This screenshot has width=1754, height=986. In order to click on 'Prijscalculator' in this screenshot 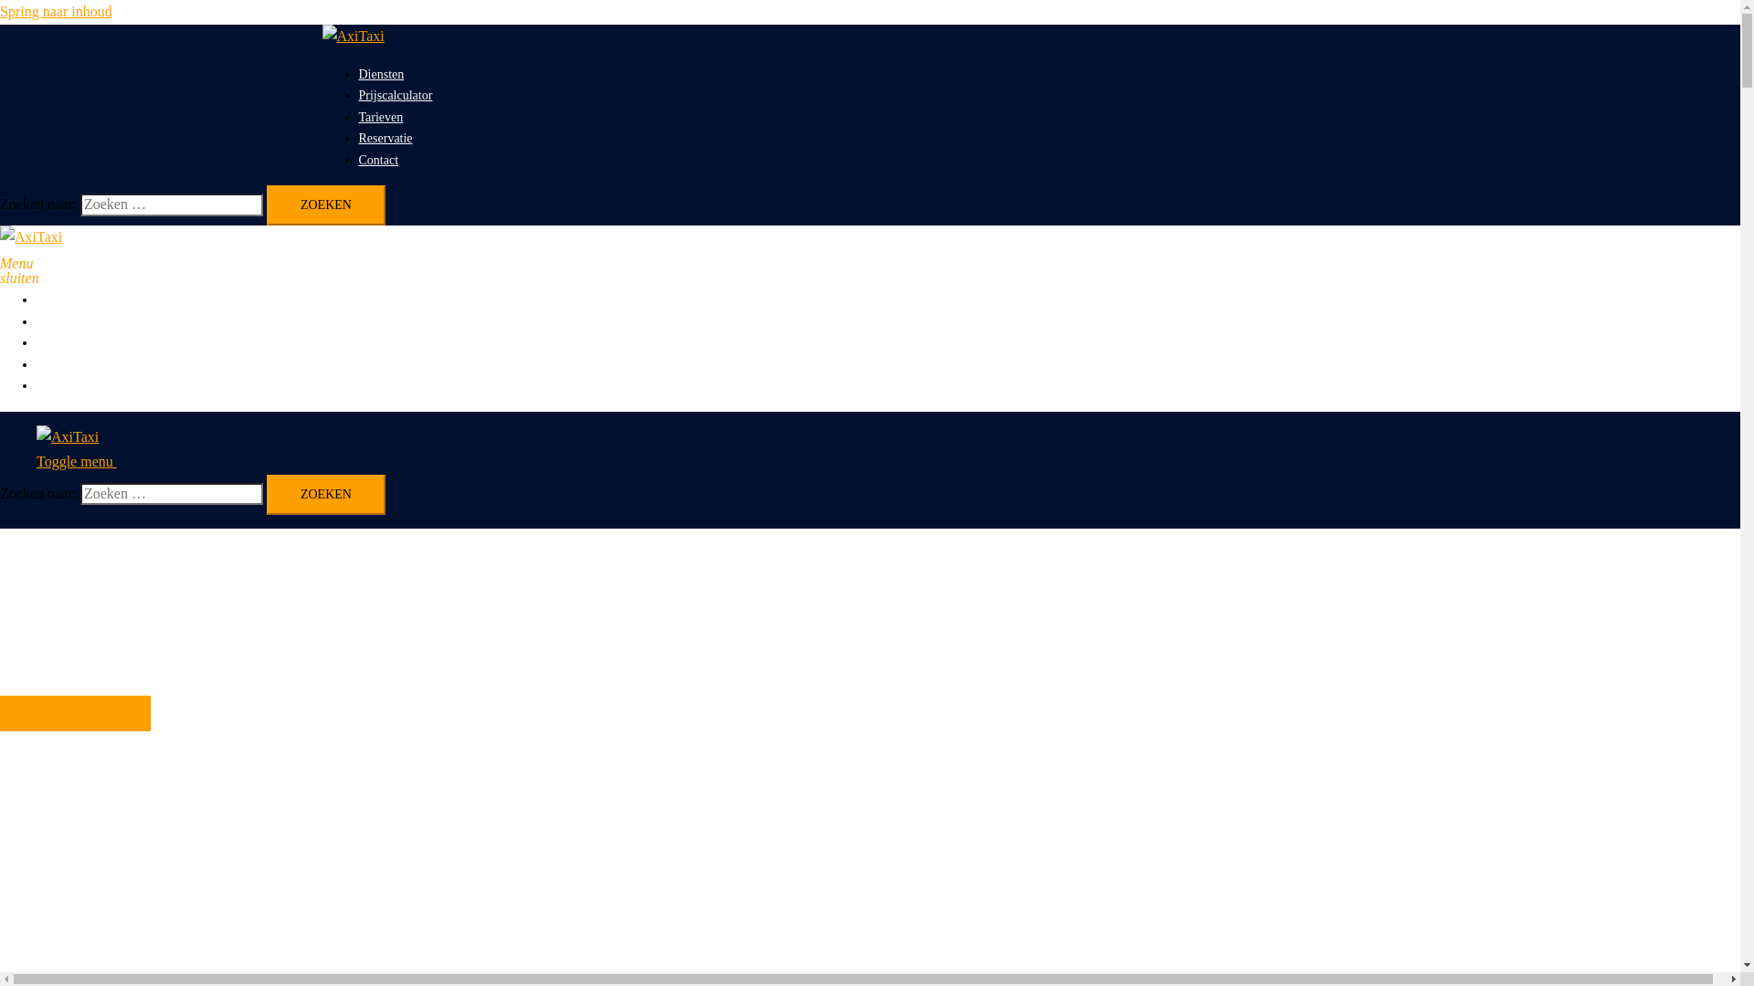, I will do `click(73, 320)`.